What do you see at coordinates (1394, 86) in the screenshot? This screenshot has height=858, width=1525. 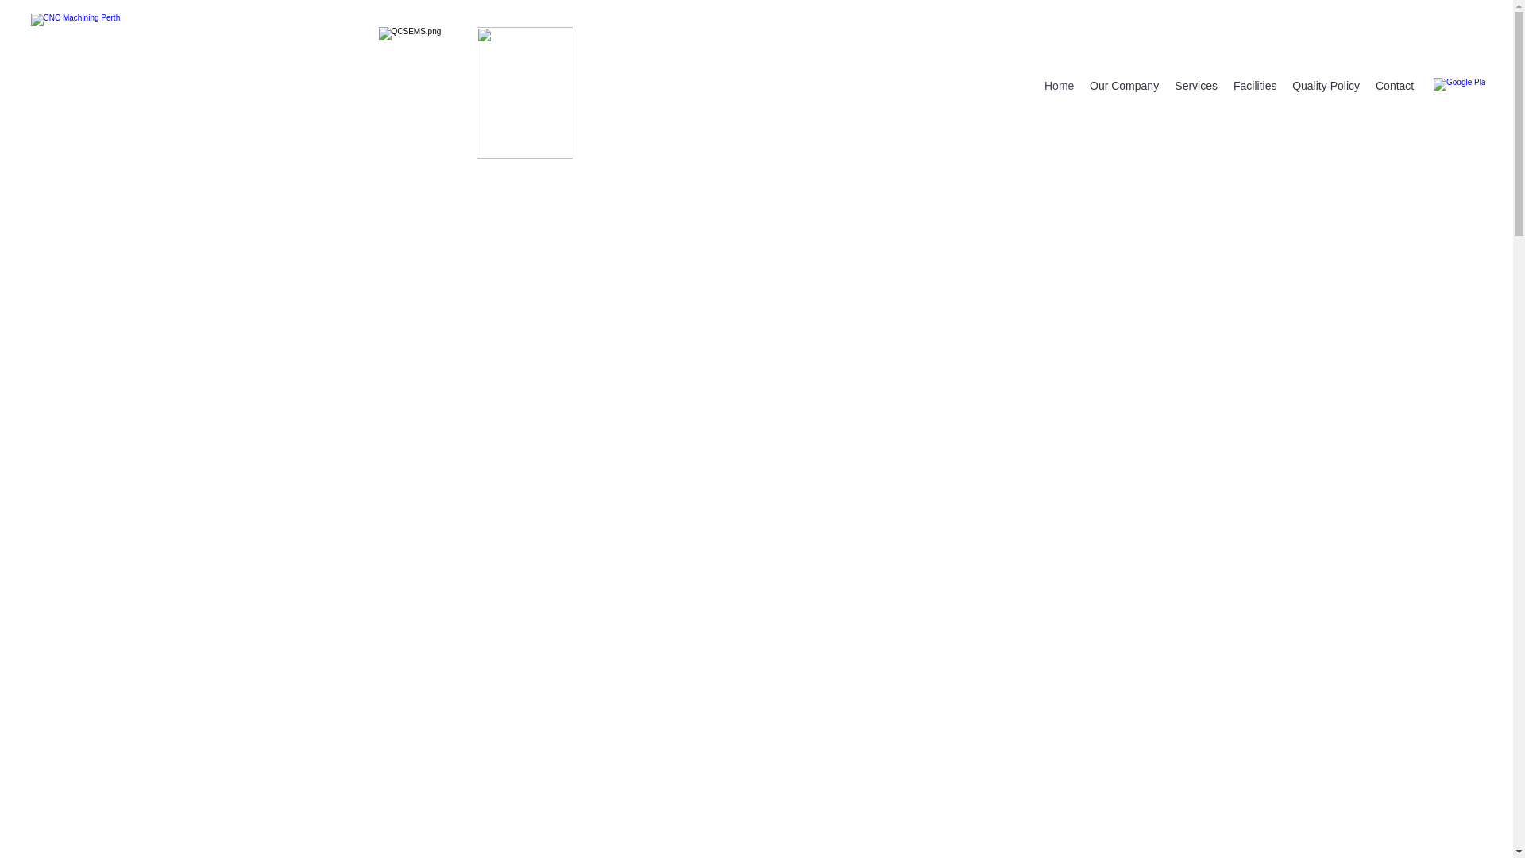 I see `'Contact'` at bounding box center [1394, 86].